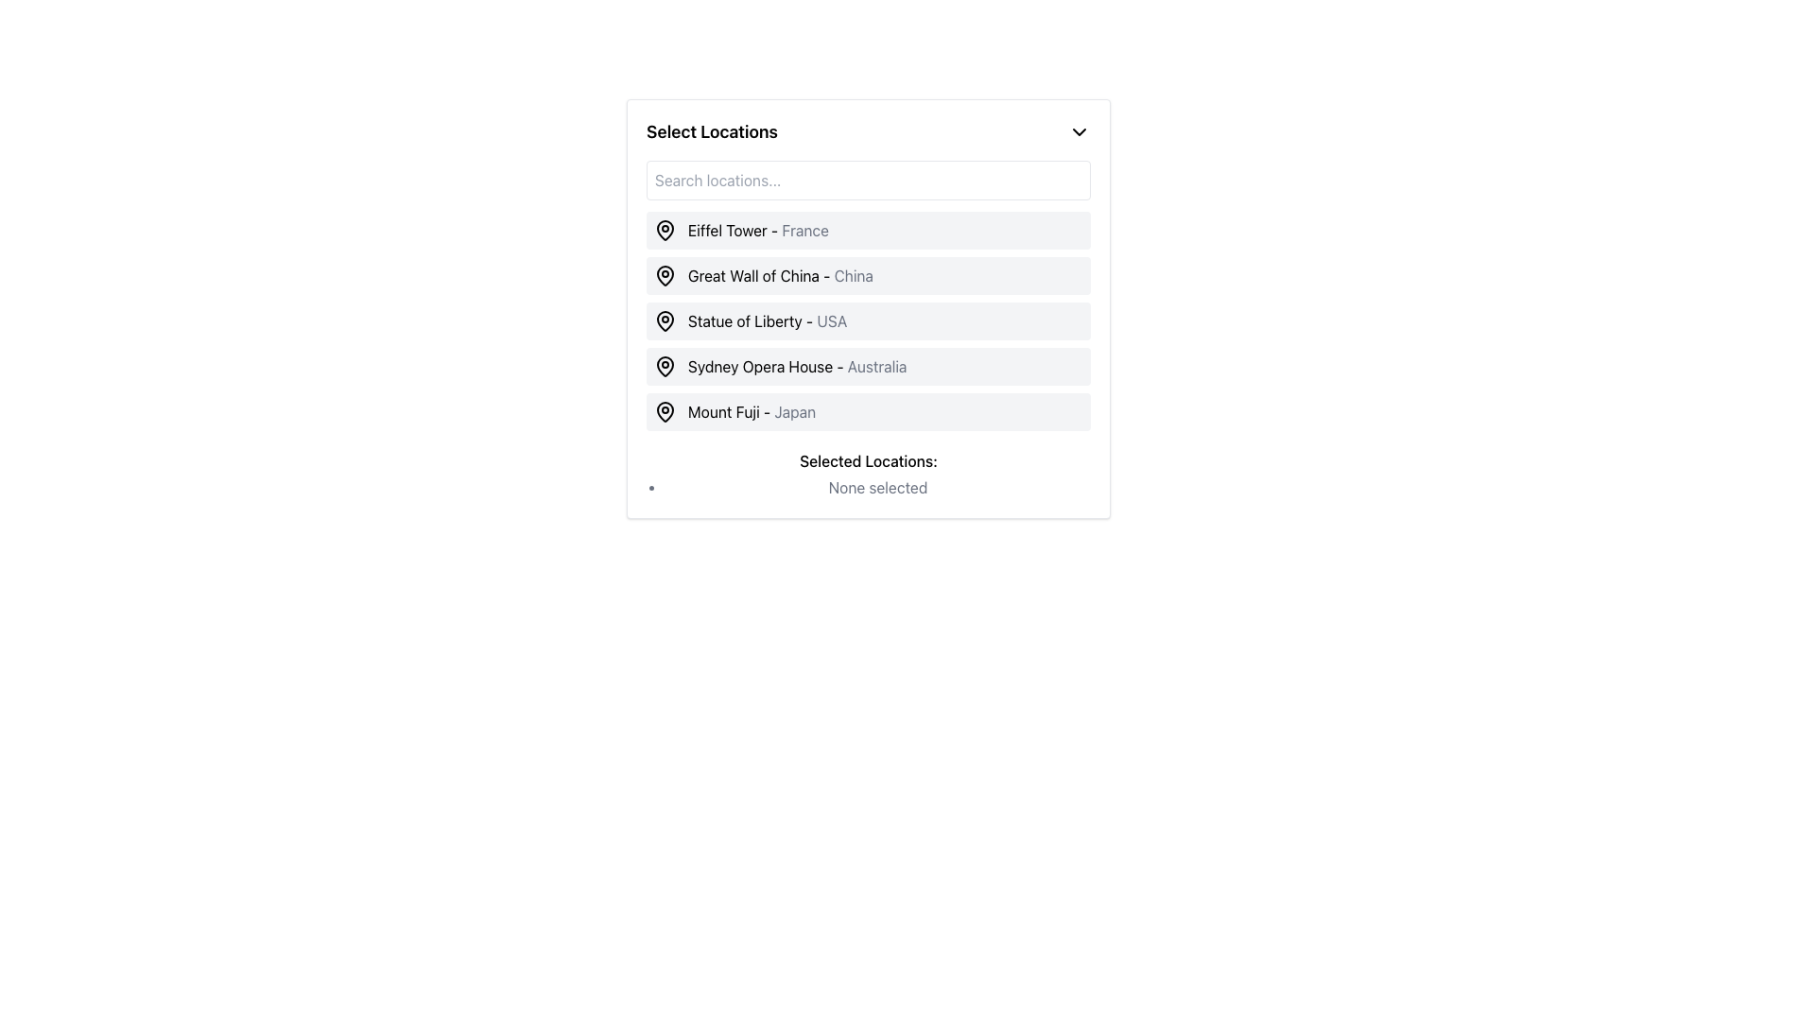 The image size is (1815, 1021). What do you see at coordinates (867, 276) in the screenshot?
I see `the selectable list item representing 'Great Wall of China'` at bounding box center [867, 276].